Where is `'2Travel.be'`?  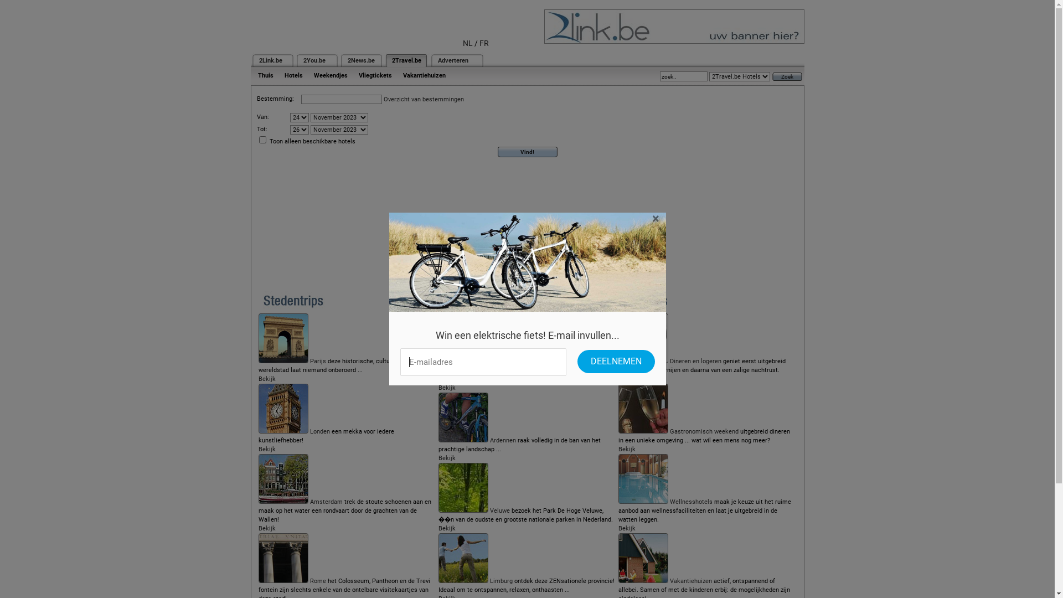 '2Travel.be' is located at coordinates (392, 60).